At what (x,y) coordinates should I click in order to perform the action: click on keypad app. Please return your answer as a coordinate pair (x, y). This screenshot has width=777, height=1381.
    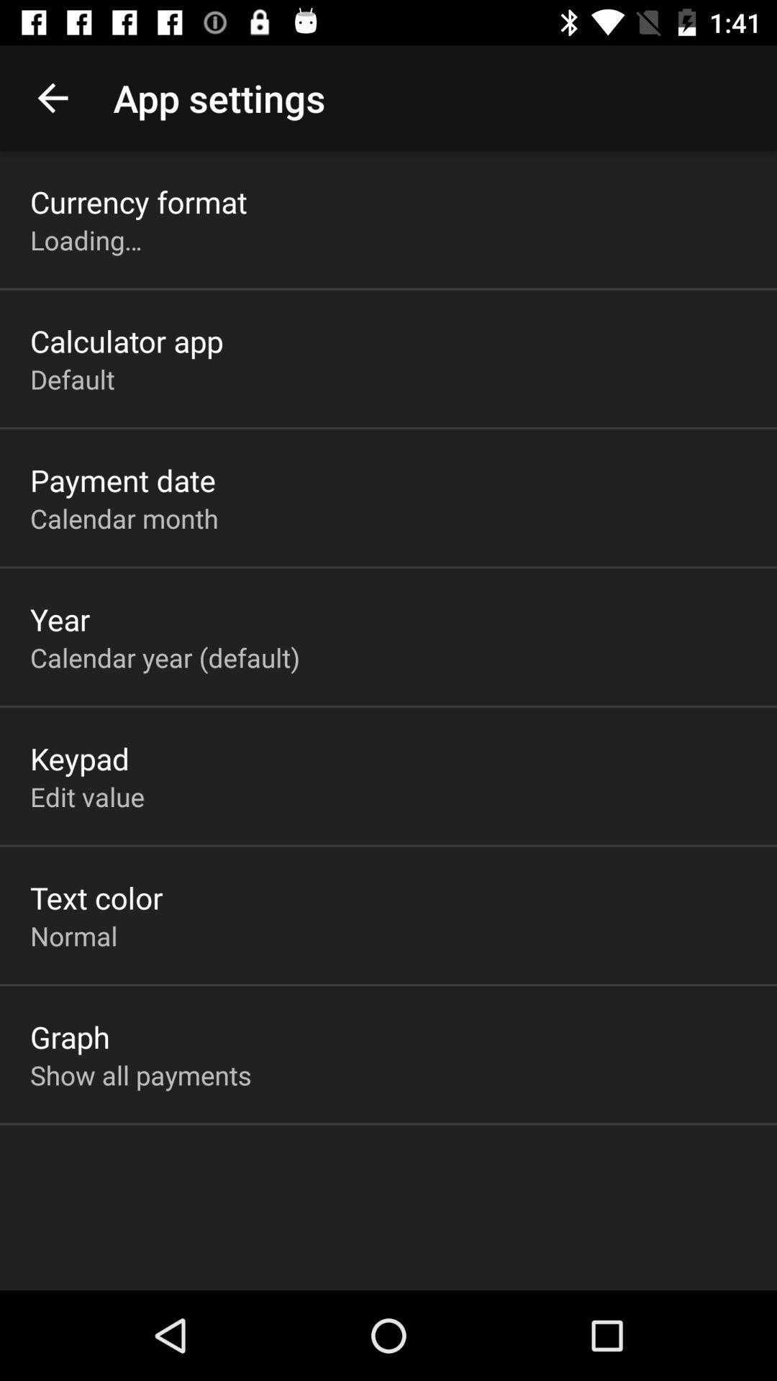
    Looking at the image, I should click on (80, 757).